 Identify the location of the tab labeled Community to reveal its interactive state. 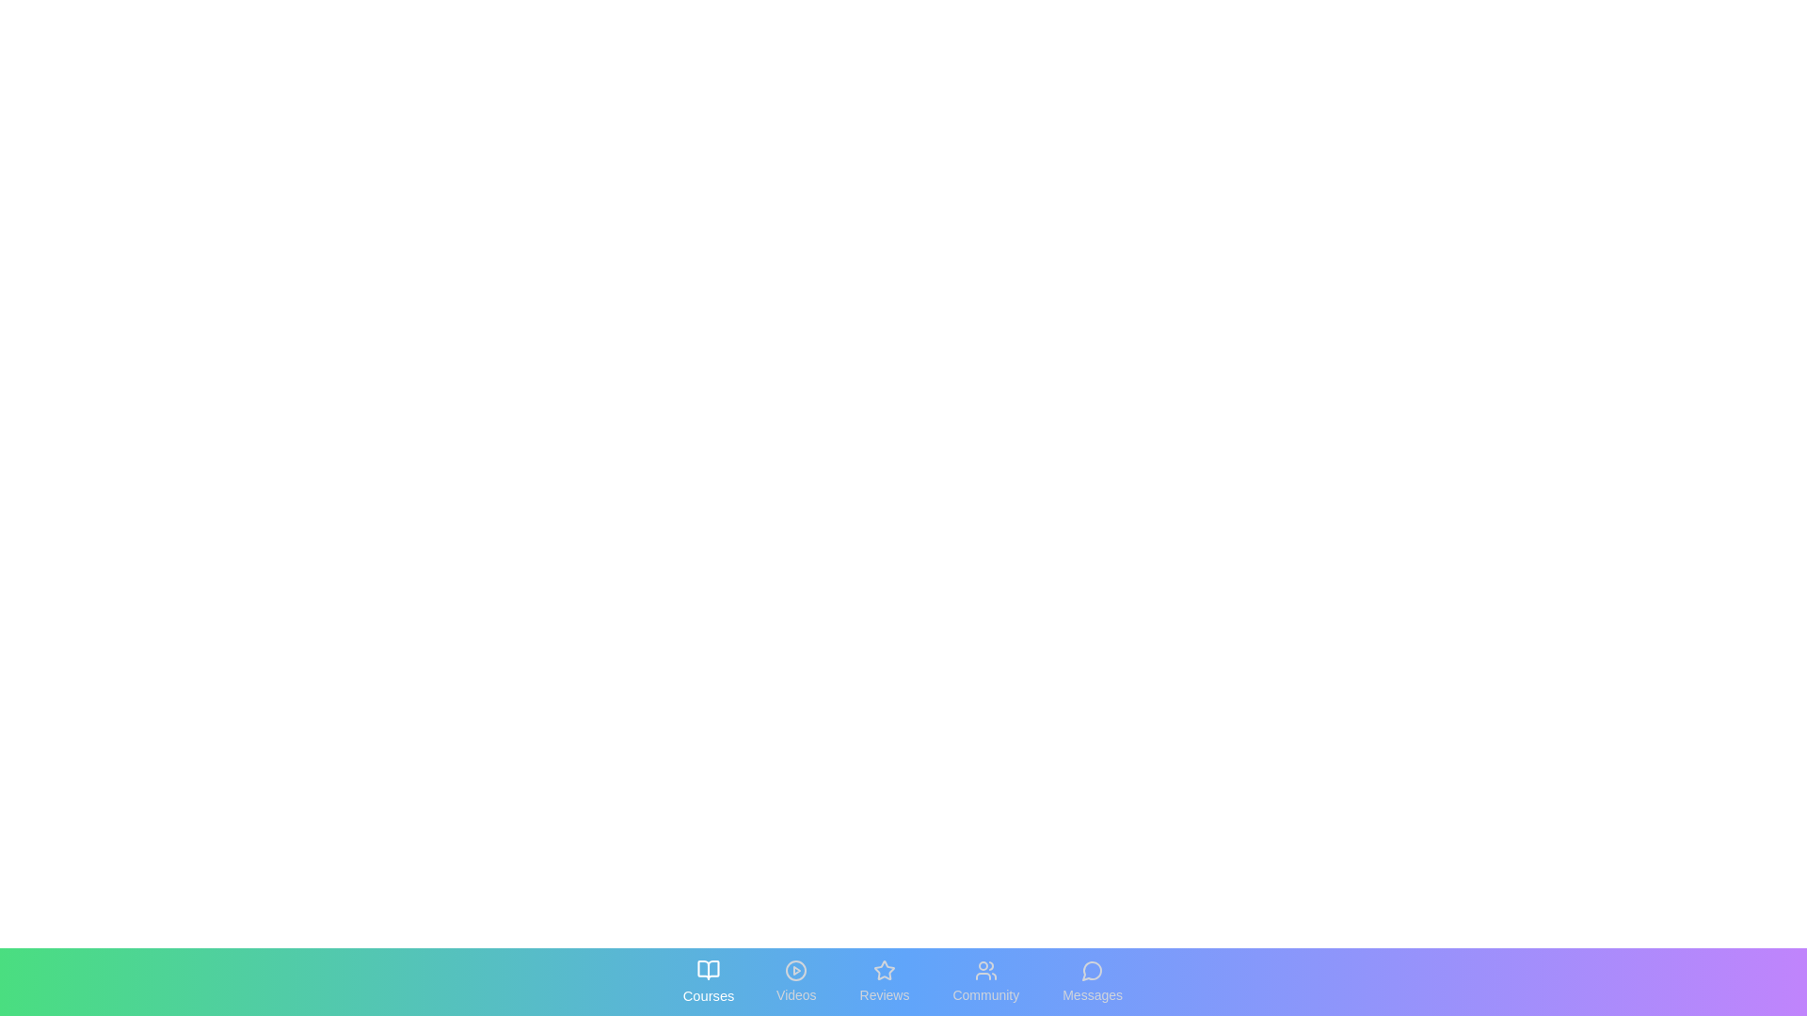
(984, 981).